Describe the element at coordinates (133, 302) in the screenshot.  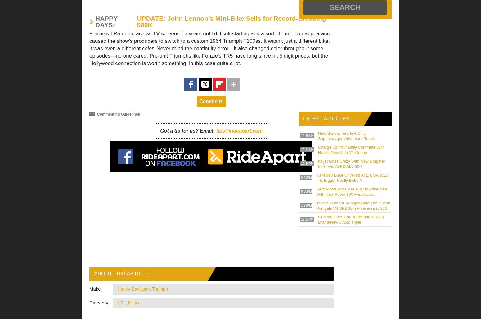
I see `'News'` at that location.